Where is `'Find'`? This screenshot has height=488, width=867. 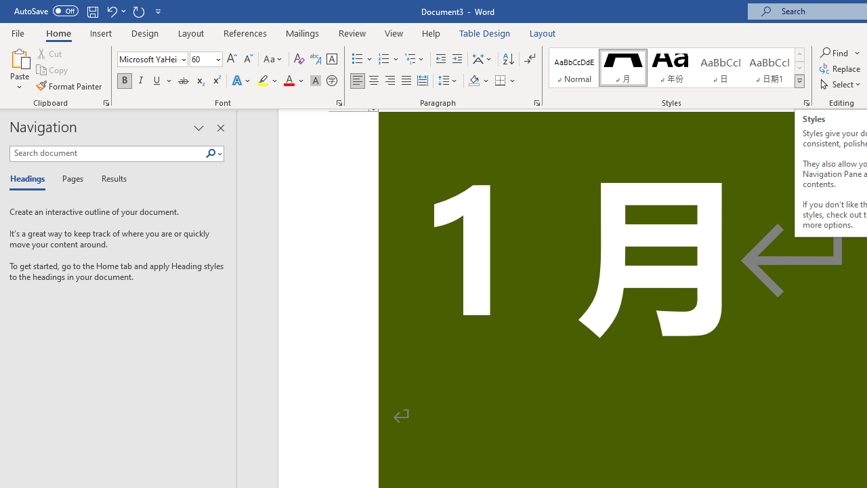
'Find' is located at coordinates (839, 52).